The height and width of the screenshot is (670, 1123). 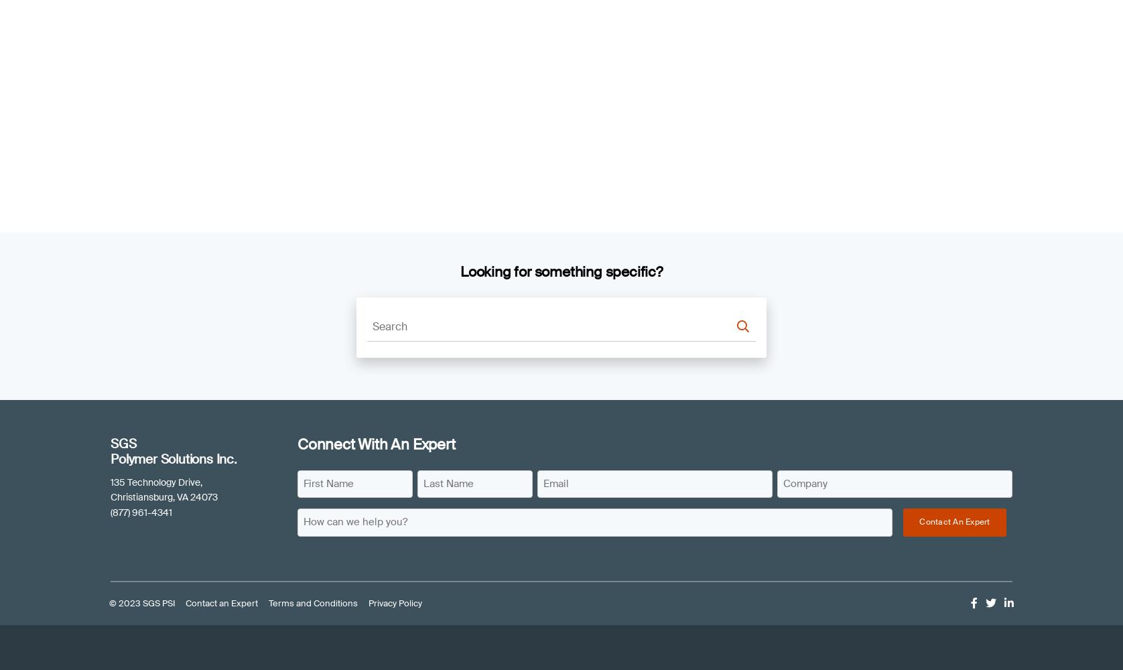 What do you see at coordinates (163, 496) in the screenshot?
I see `'Christiansburg, VA 24073'` at bounding box center [163, 496].